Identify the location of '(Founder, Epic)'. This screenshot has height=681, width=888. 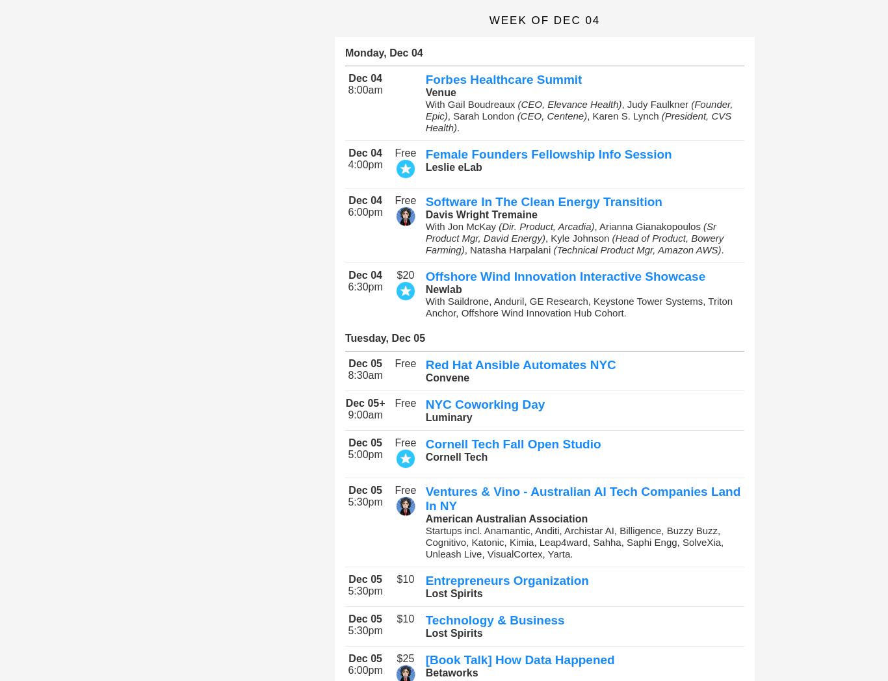
(578, 110).